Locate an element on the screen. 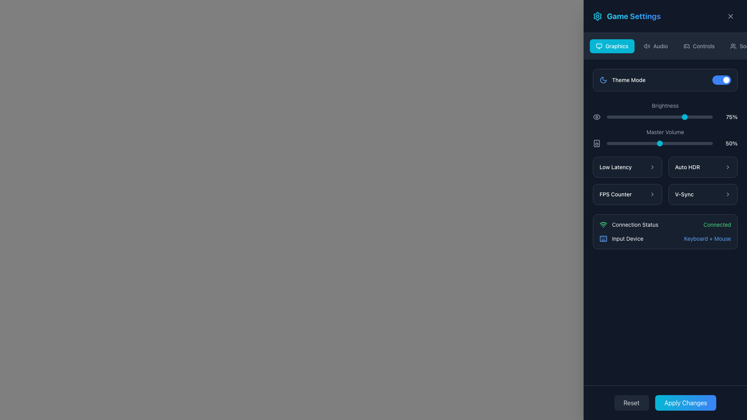 The width and height of the screenshot is (747, 420). the close button with an 'X' icon located in the top-right corner of the settings interface is located at coordinates (730, 16).